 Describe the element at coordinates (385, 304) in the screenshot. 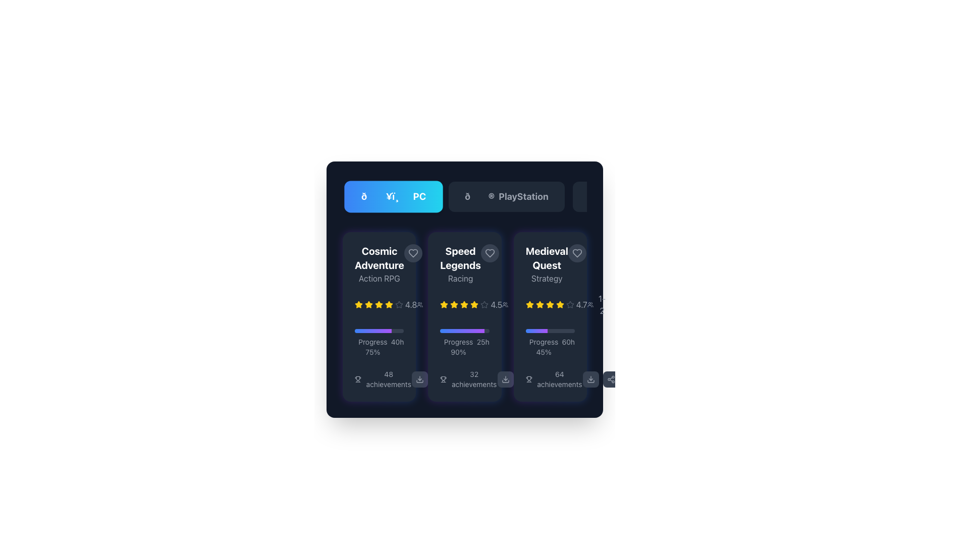

I see `the rating display showing '4.8' with four filled yellow stars and one outlined gray star, located below the title 'Cosmic Adventure'` at that location.